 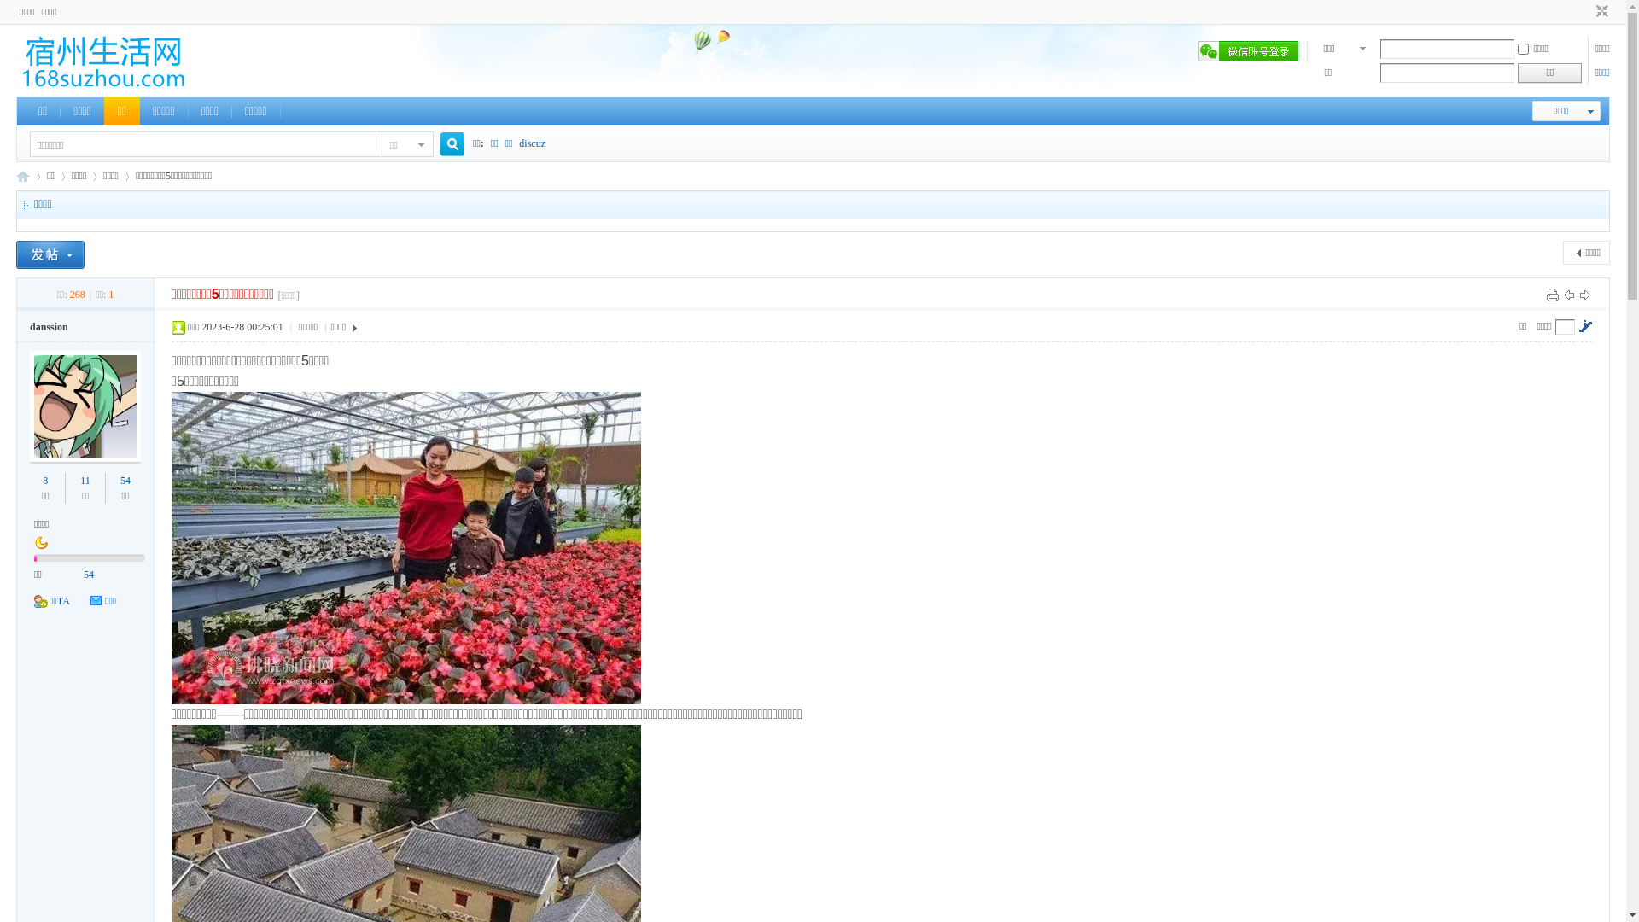 I want to click on '54', so click(x=88, y=574).